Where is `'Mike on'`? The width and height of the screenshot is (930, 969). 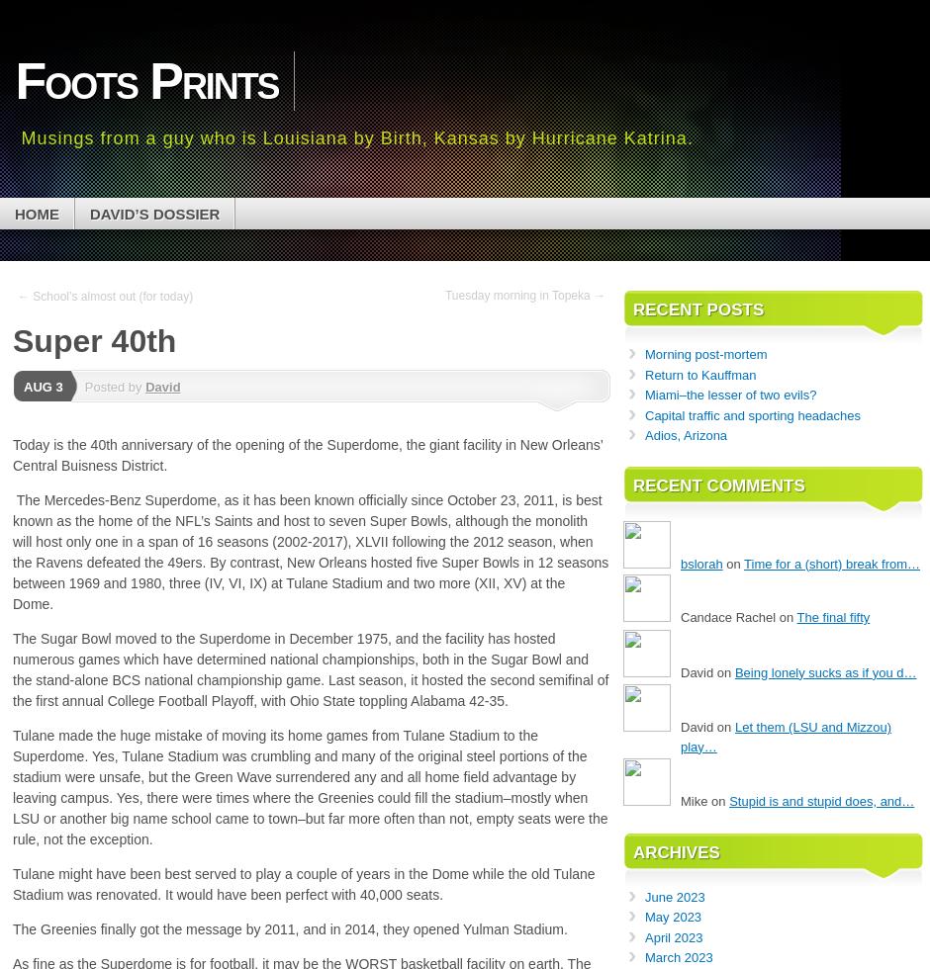
'Mike on' is located at coordinates (679, 801).